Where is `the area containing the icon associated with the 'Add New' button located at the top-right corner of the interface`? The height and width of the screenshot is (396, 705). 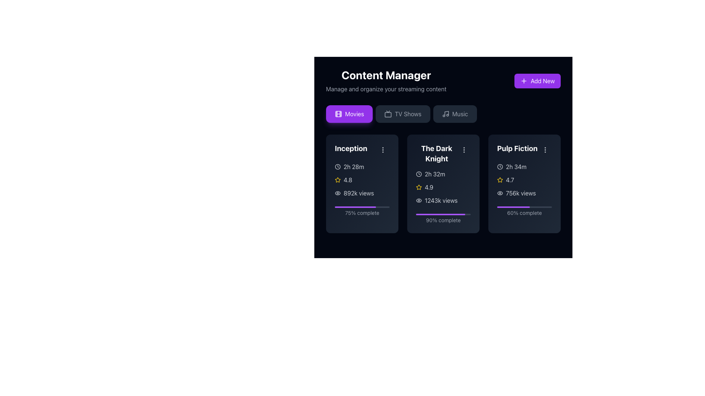
the area containing the icon associated with the 'Add New' button located at the top-right corner of the interface is located at coordinates (524, 81).